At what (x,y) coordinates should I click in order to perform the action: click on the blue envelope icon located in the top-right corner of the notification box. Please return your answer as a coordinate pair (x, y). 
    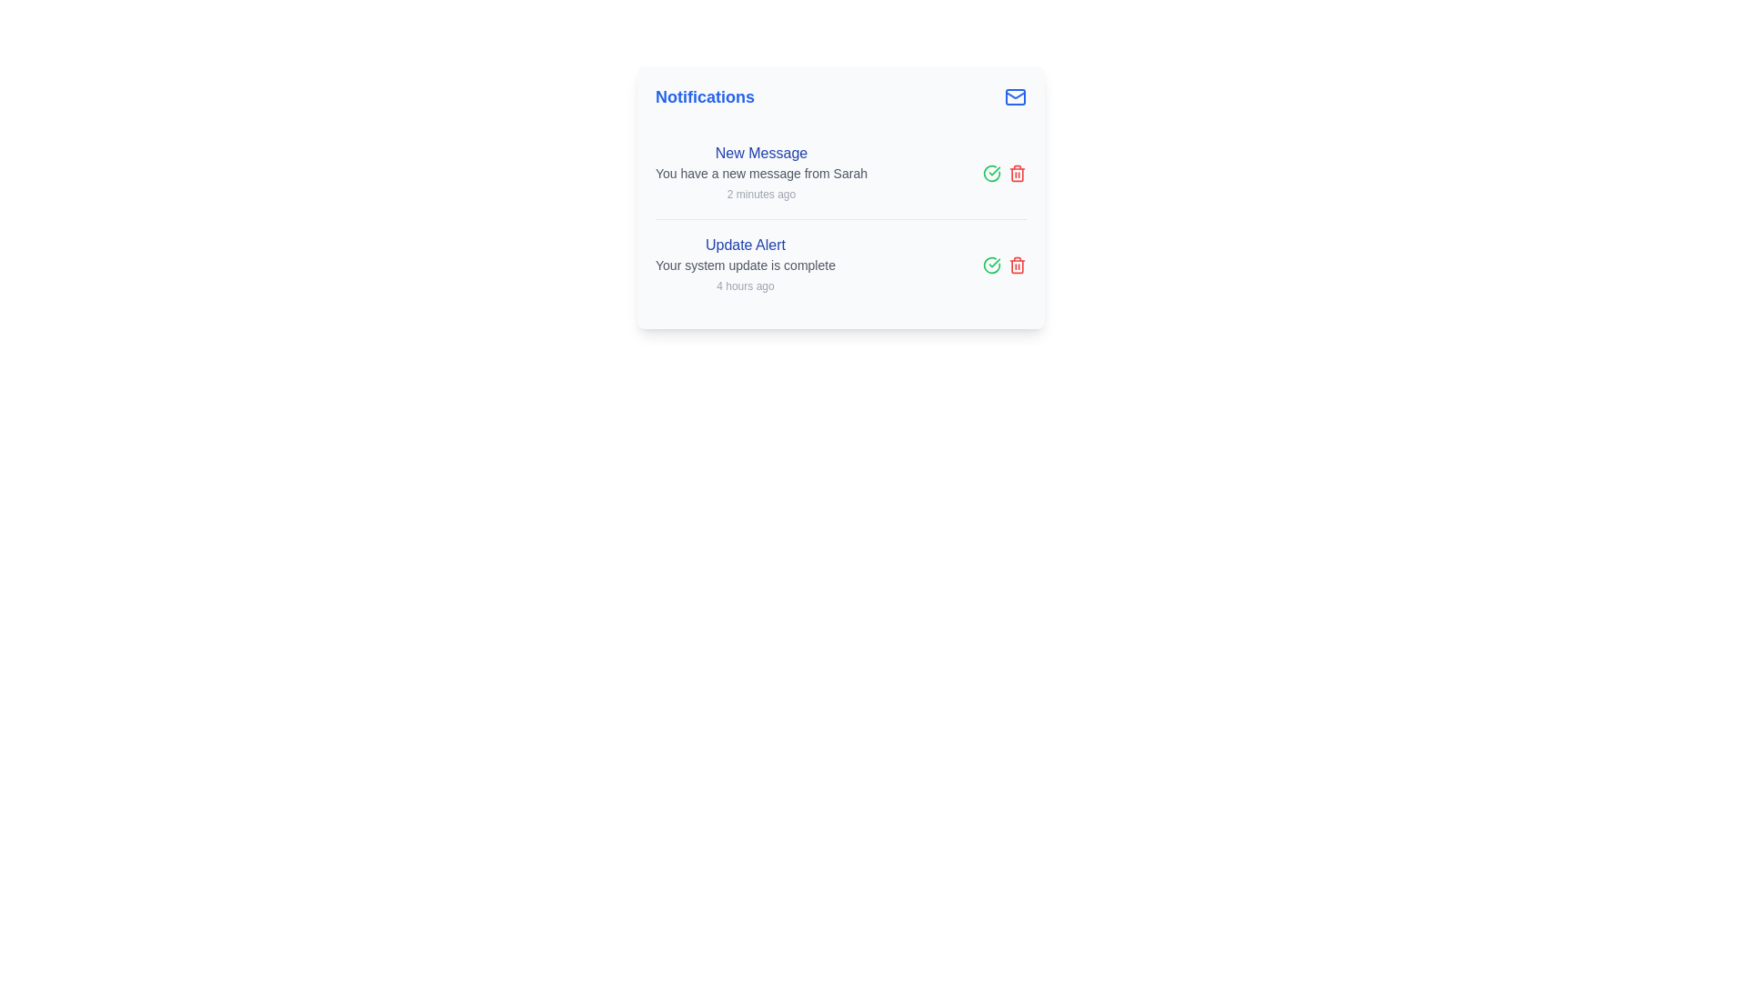
    Looking at the image, I should click on (1015, 97).